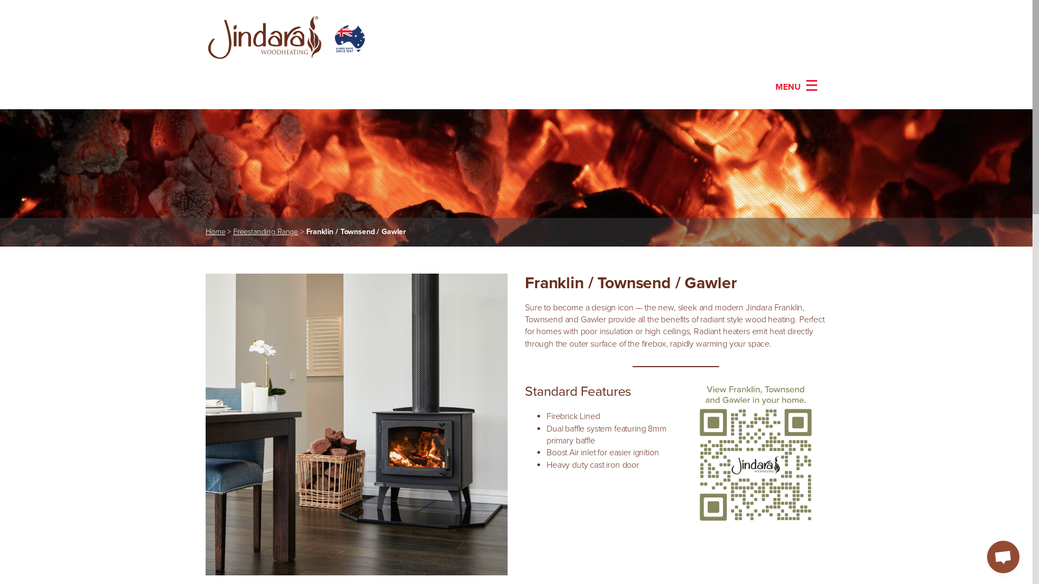  What do you see at coordinates (797, 85) in the screenshot?
I see `'MENU'` at bounding box center [797, 85].